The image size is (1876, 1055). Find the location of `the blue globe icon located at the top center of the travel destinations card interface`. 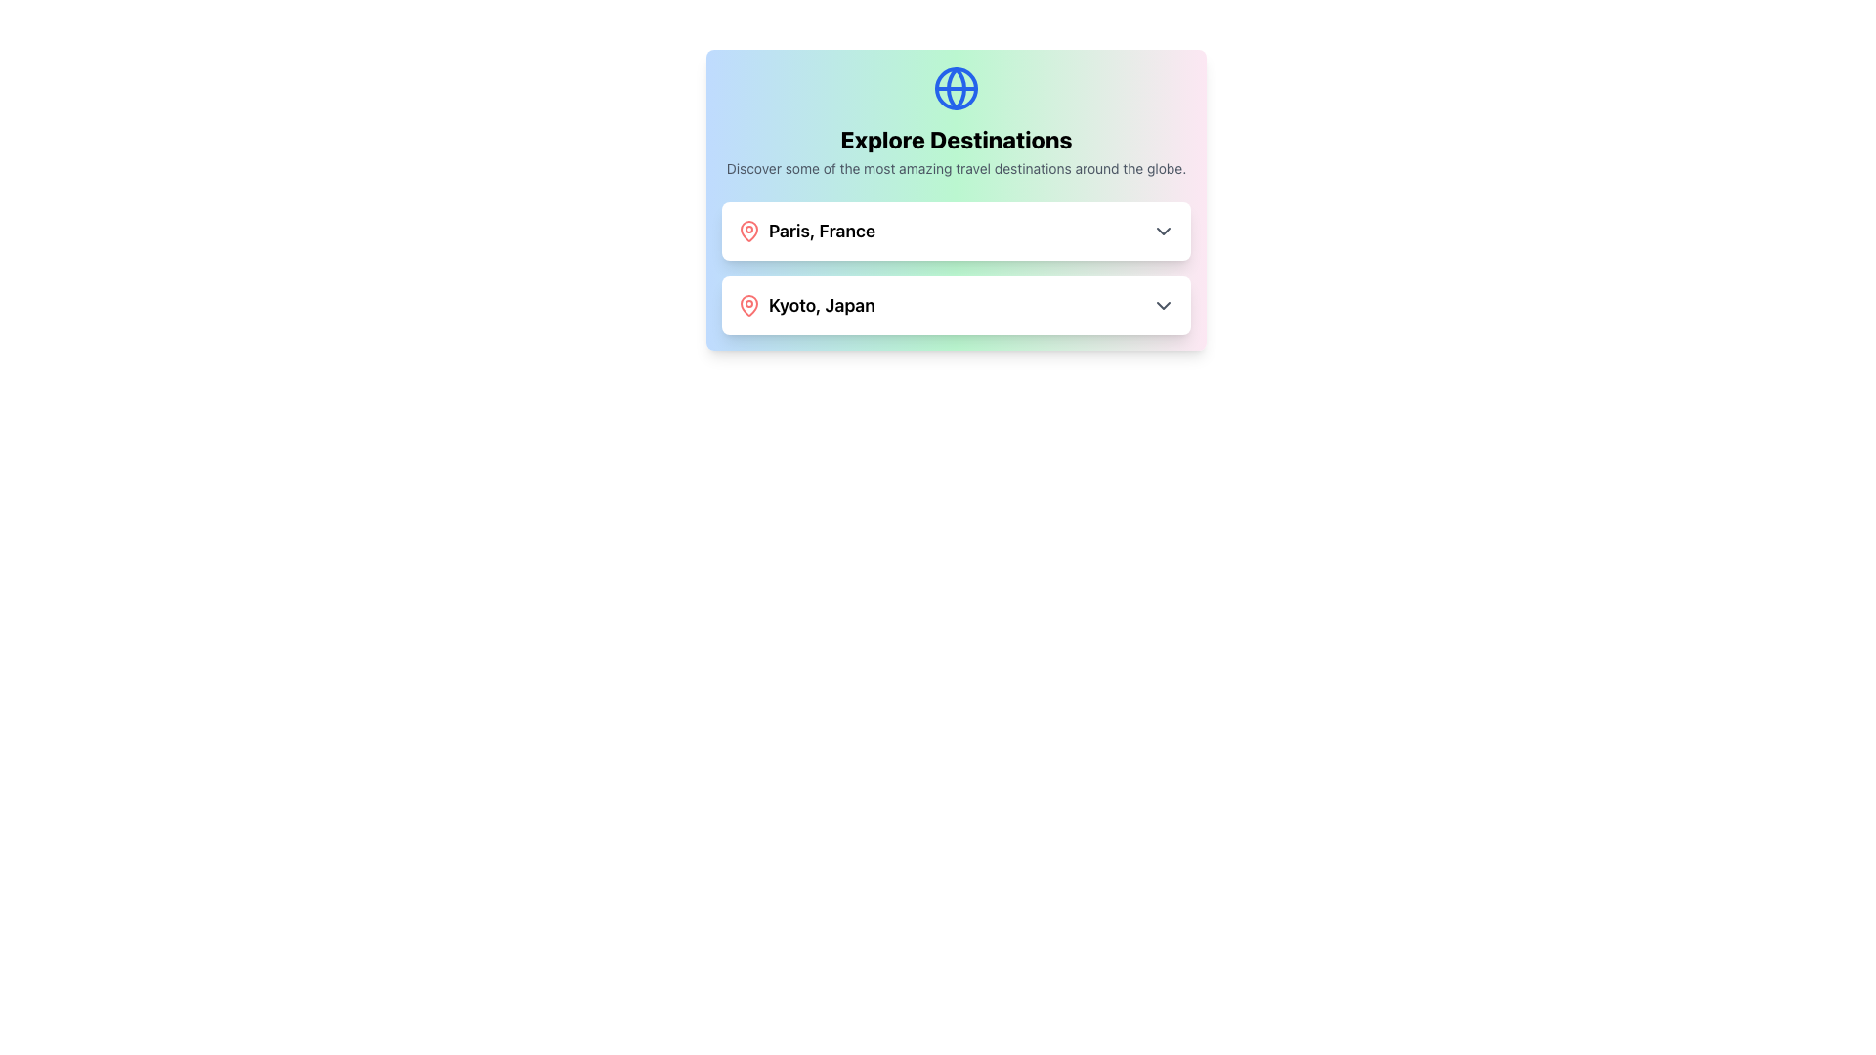

the blue globe icon located at the top center of the travel destinations card interface is located at coordinates (957, 89).